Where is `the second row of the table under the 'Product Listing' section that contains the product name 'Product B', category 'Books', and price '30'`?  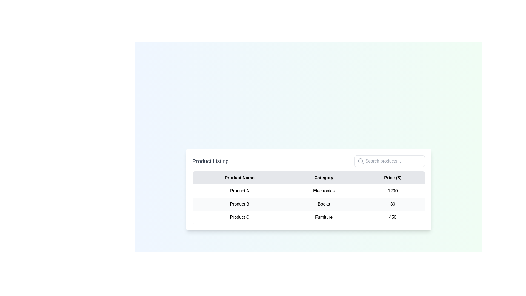
the second row of the table under the 'Product Listing' section that contains the product name 'Product B', category 'Books', and price '30' is located at coordinates (308, 204).